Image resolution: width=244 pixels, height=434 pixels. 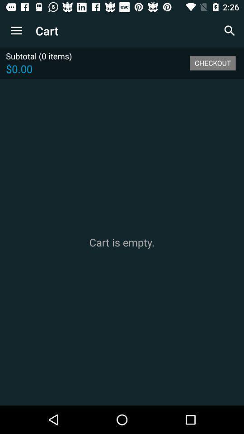 What do you see at coordinates (230, 31) in the screenshot?
I see `icon next to the cart` at bounding box center [230, 31].